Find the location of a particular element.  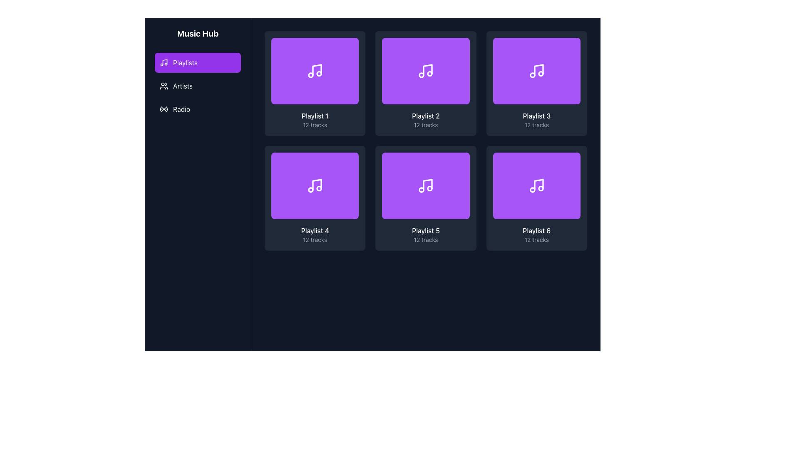

the left circular component of the music note icon on the 'Playlist 6' card located in the third row and second column of the playlist grid is located at coordinates (532, 190).